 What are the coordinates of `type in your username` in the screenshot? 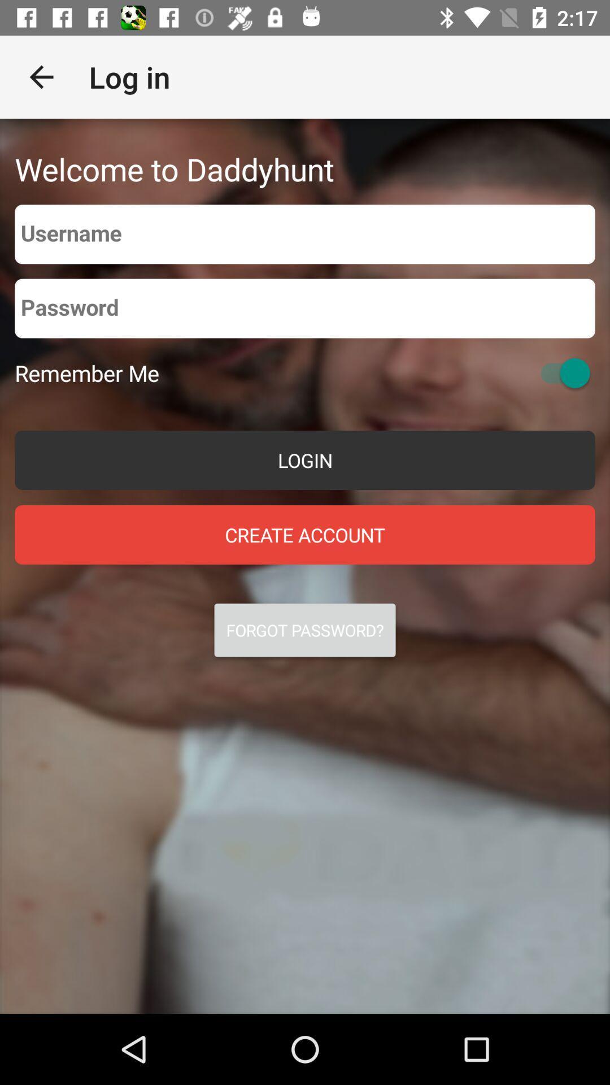 It's located at (305, 233).